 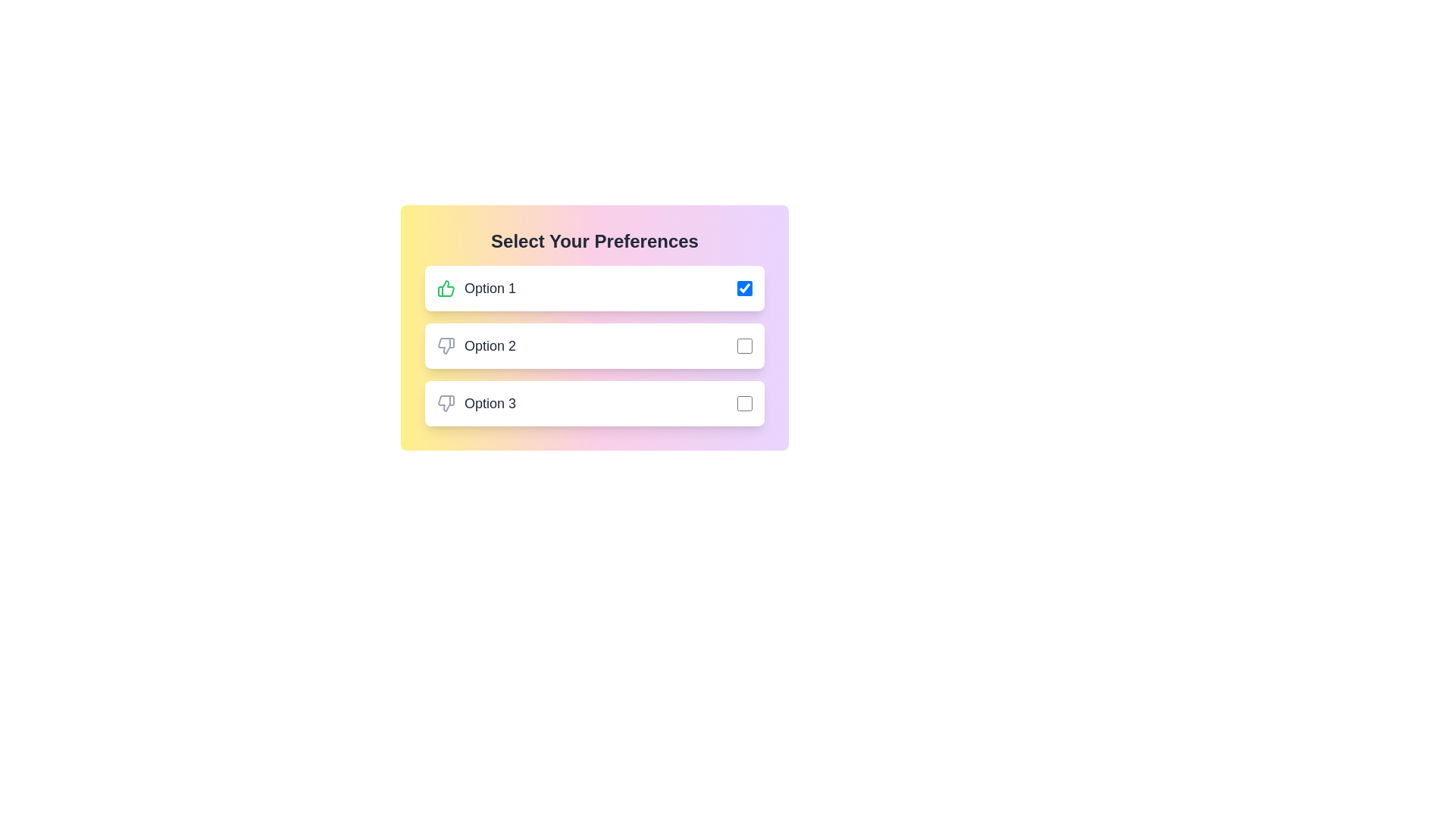 What do you see at coordinates (490, 289) in the screenshot?
I see `text displayed in the text label that indicates the name or title of the first option in the list, which is located centrally between a thumbs-up icon and a checkbox in the first row of selectable preferences` at bounding box center [490, 289].